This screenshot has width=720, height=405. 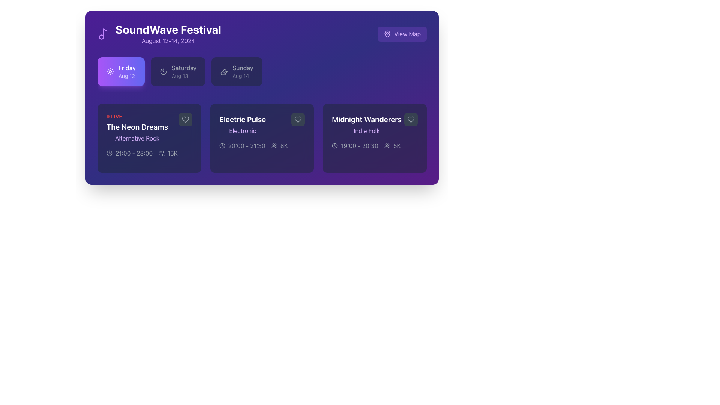 I want to click on the informational component indicating the number of attendees for the 'Electric Pulse' event, located at the bottom right of the event card, so click(x=279, y=146).